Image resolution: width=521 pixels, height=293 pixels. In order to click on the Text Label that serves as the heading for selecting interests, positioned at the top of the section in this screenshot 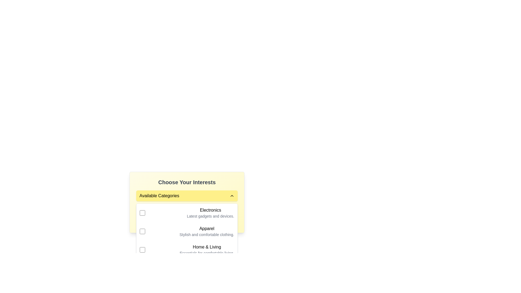, I will do `click(187, 182)`.